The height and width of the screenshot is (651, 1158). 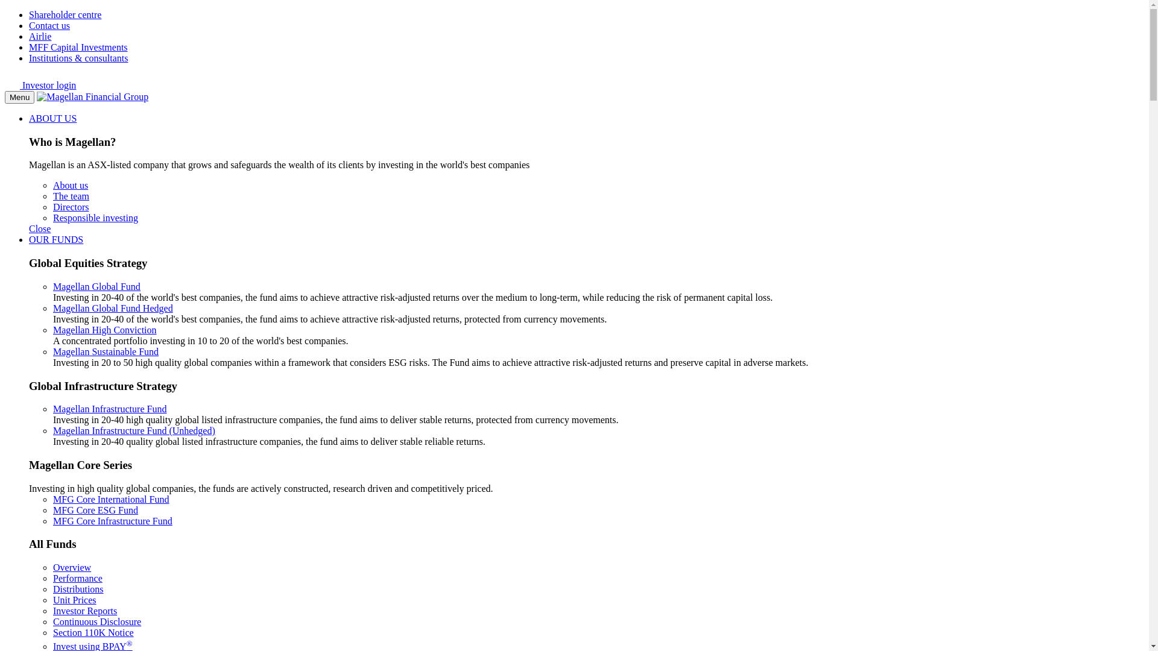 I want to click on 'Magellan Sustainable Fund', so click(x=106, y=351).